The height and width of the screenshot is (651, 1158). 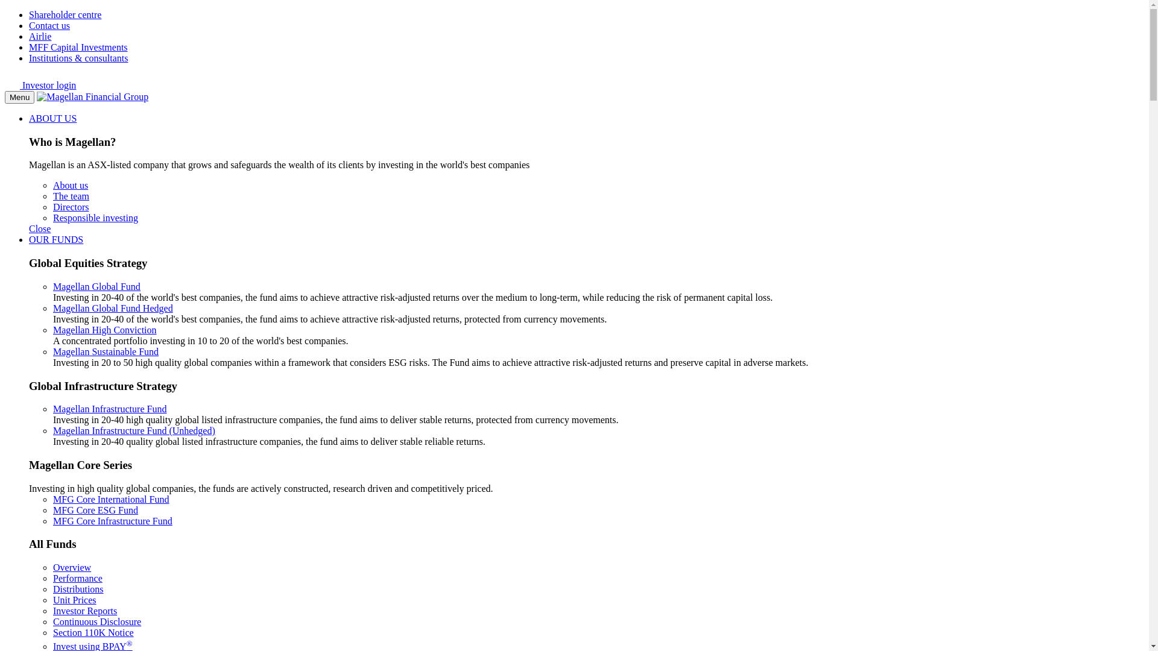 I want to click on 'Magellan Sustainable Fund', so click(x=106, y=351).